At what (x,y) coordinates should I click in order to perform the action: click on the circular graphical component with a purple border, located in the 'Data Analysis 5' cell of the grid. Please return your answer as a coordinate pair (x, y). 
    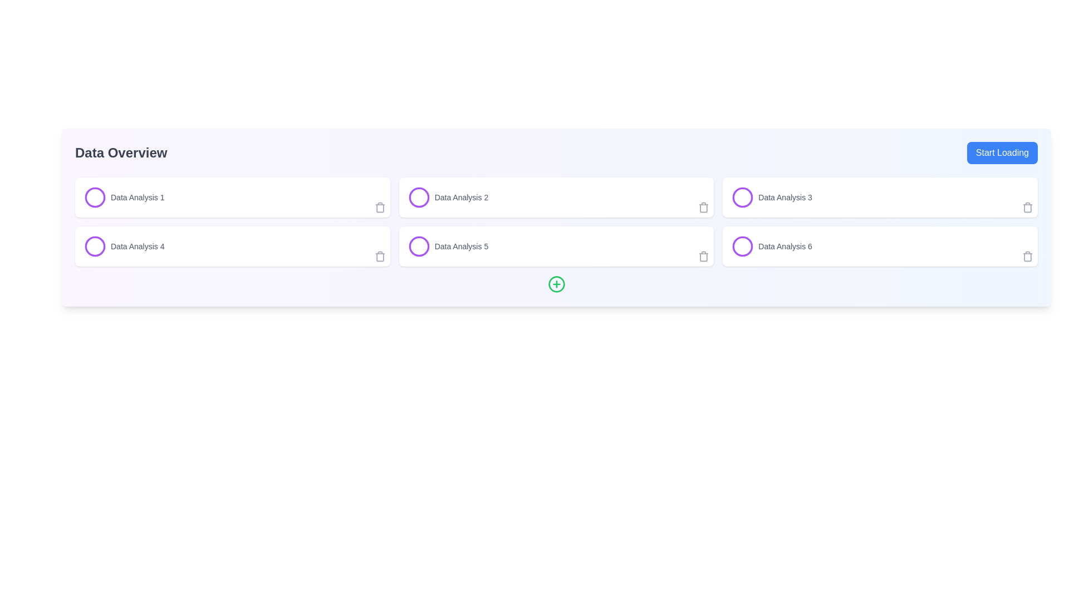
    Looking at the image, I should click on (418, 246).